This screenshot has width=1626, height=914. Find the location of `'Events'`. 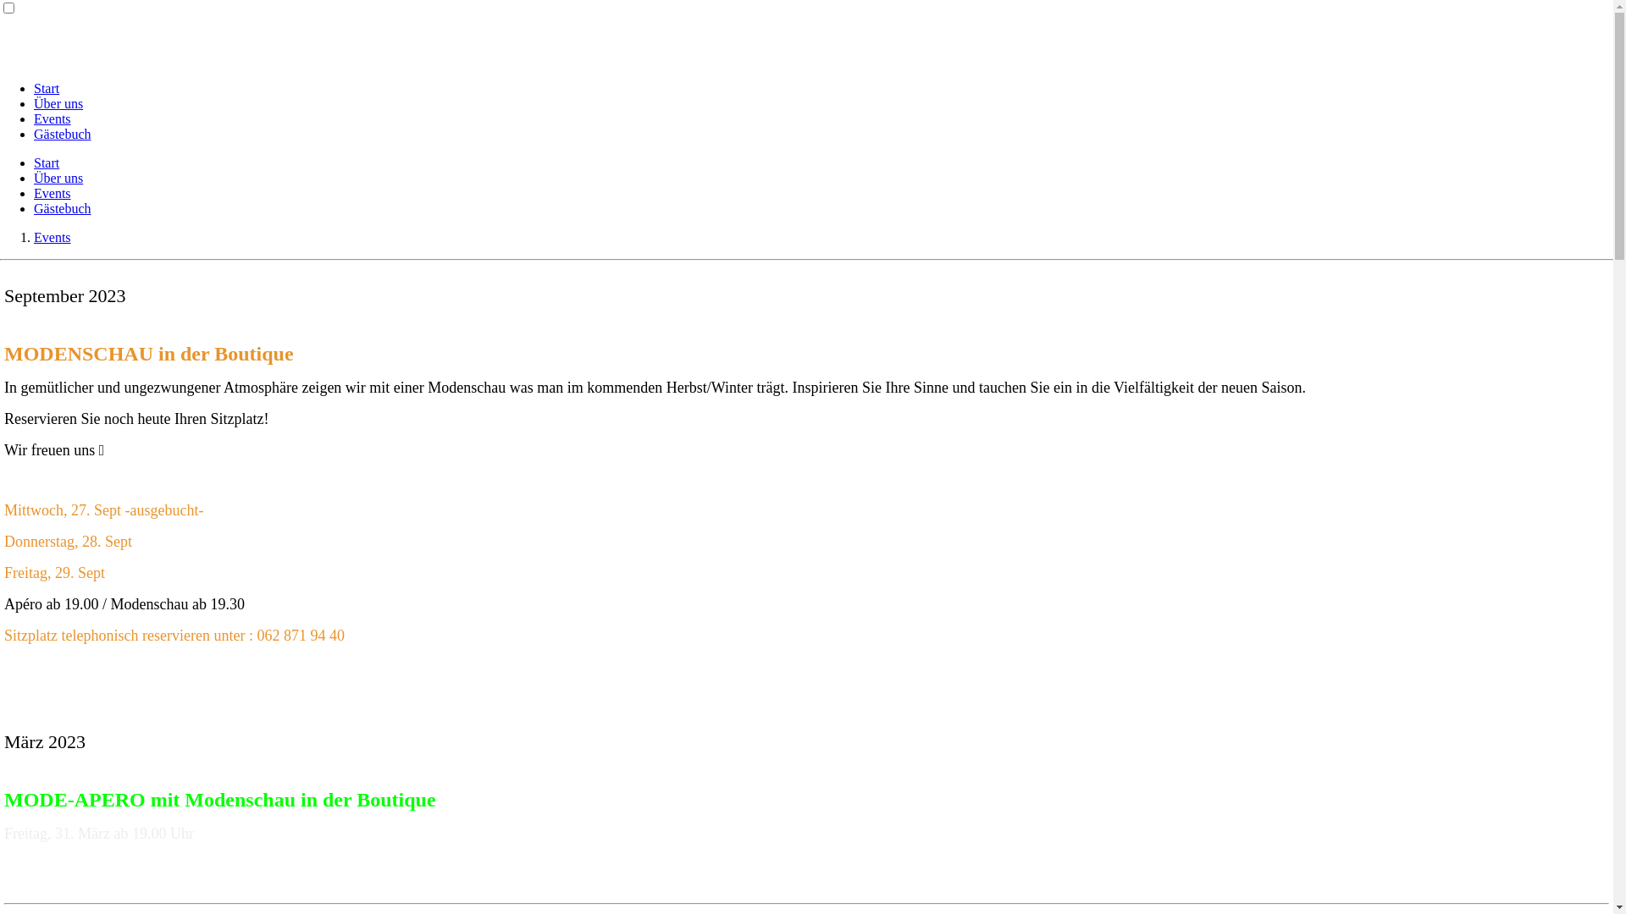

'Events' is located at coordinates (53, 118).